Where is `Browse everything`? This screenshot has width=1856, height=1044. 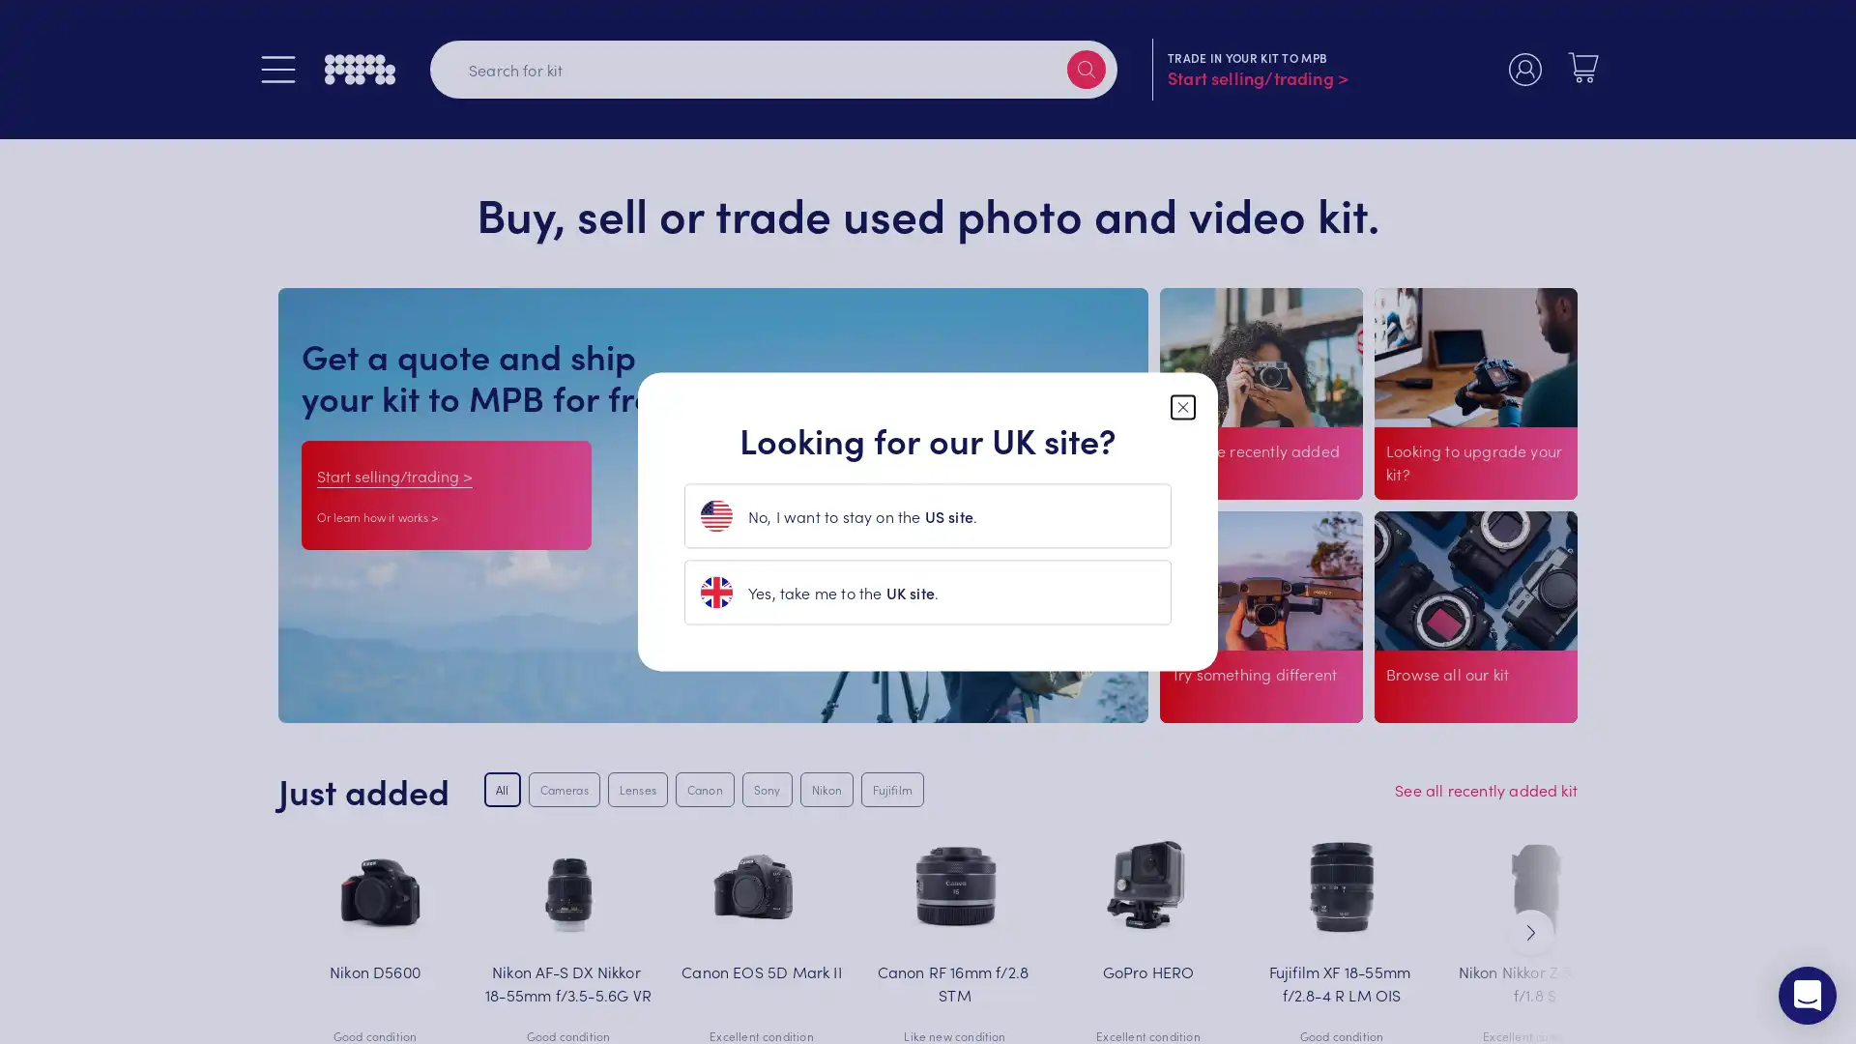 Browse everything is located at coordinates (1452, 702).